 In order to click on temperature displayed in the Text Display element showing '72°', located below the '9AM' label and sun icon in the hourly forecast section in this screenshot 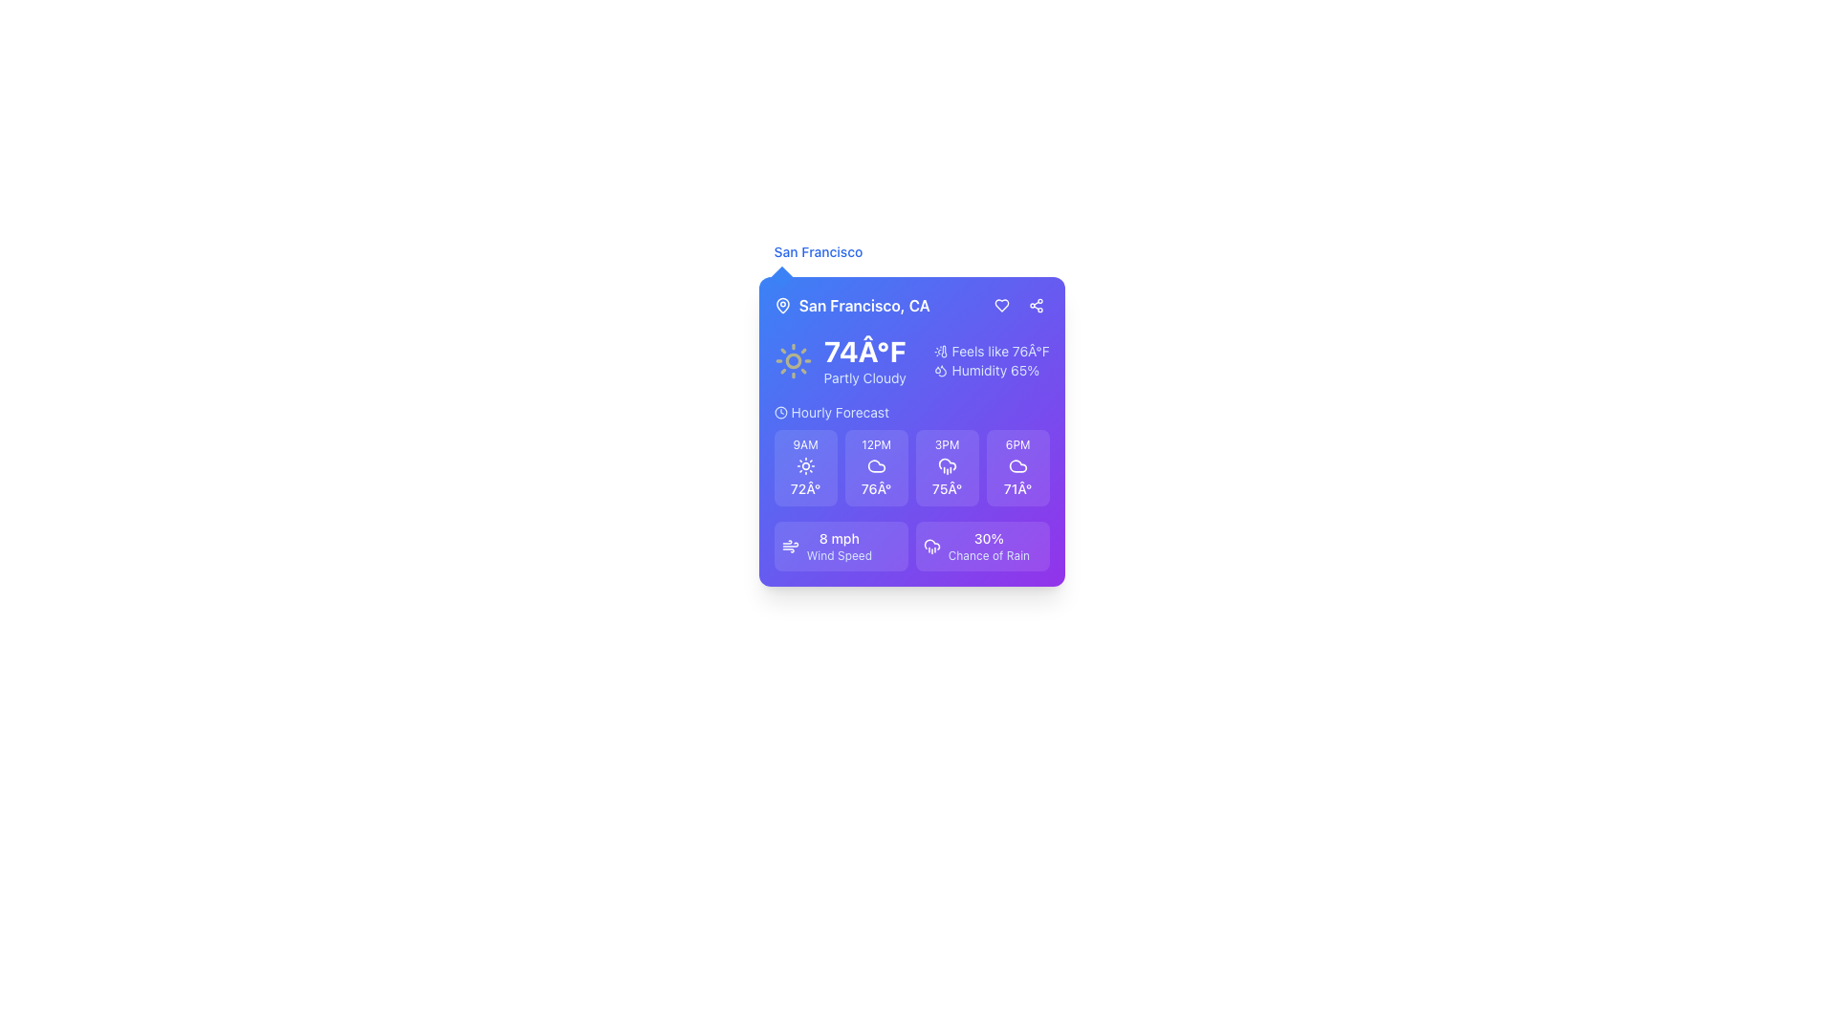, I will do `click(805, 488)`.